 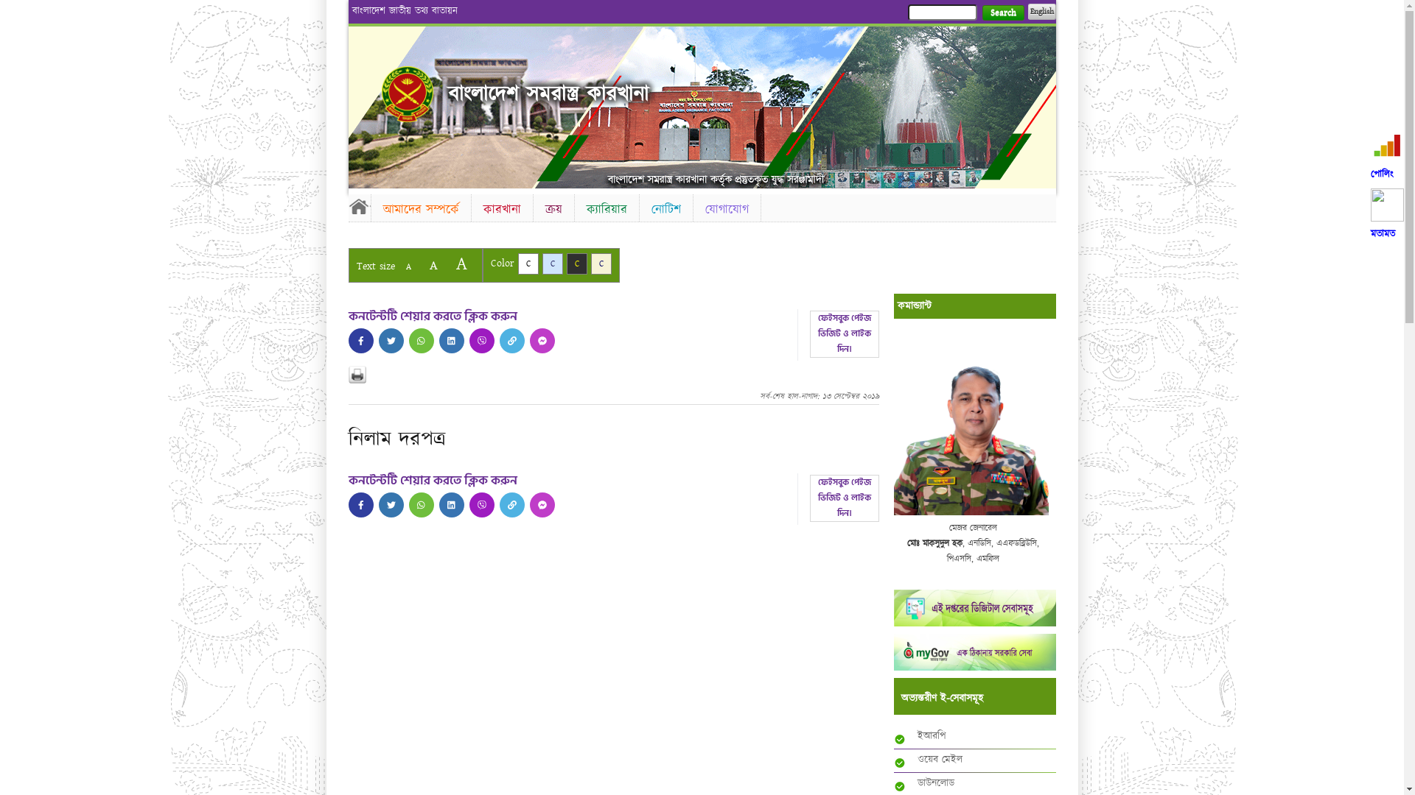 What do you see at coordinates (447, 263) in the screenshot?
I see `'A'` at bounding box center [447, 263].